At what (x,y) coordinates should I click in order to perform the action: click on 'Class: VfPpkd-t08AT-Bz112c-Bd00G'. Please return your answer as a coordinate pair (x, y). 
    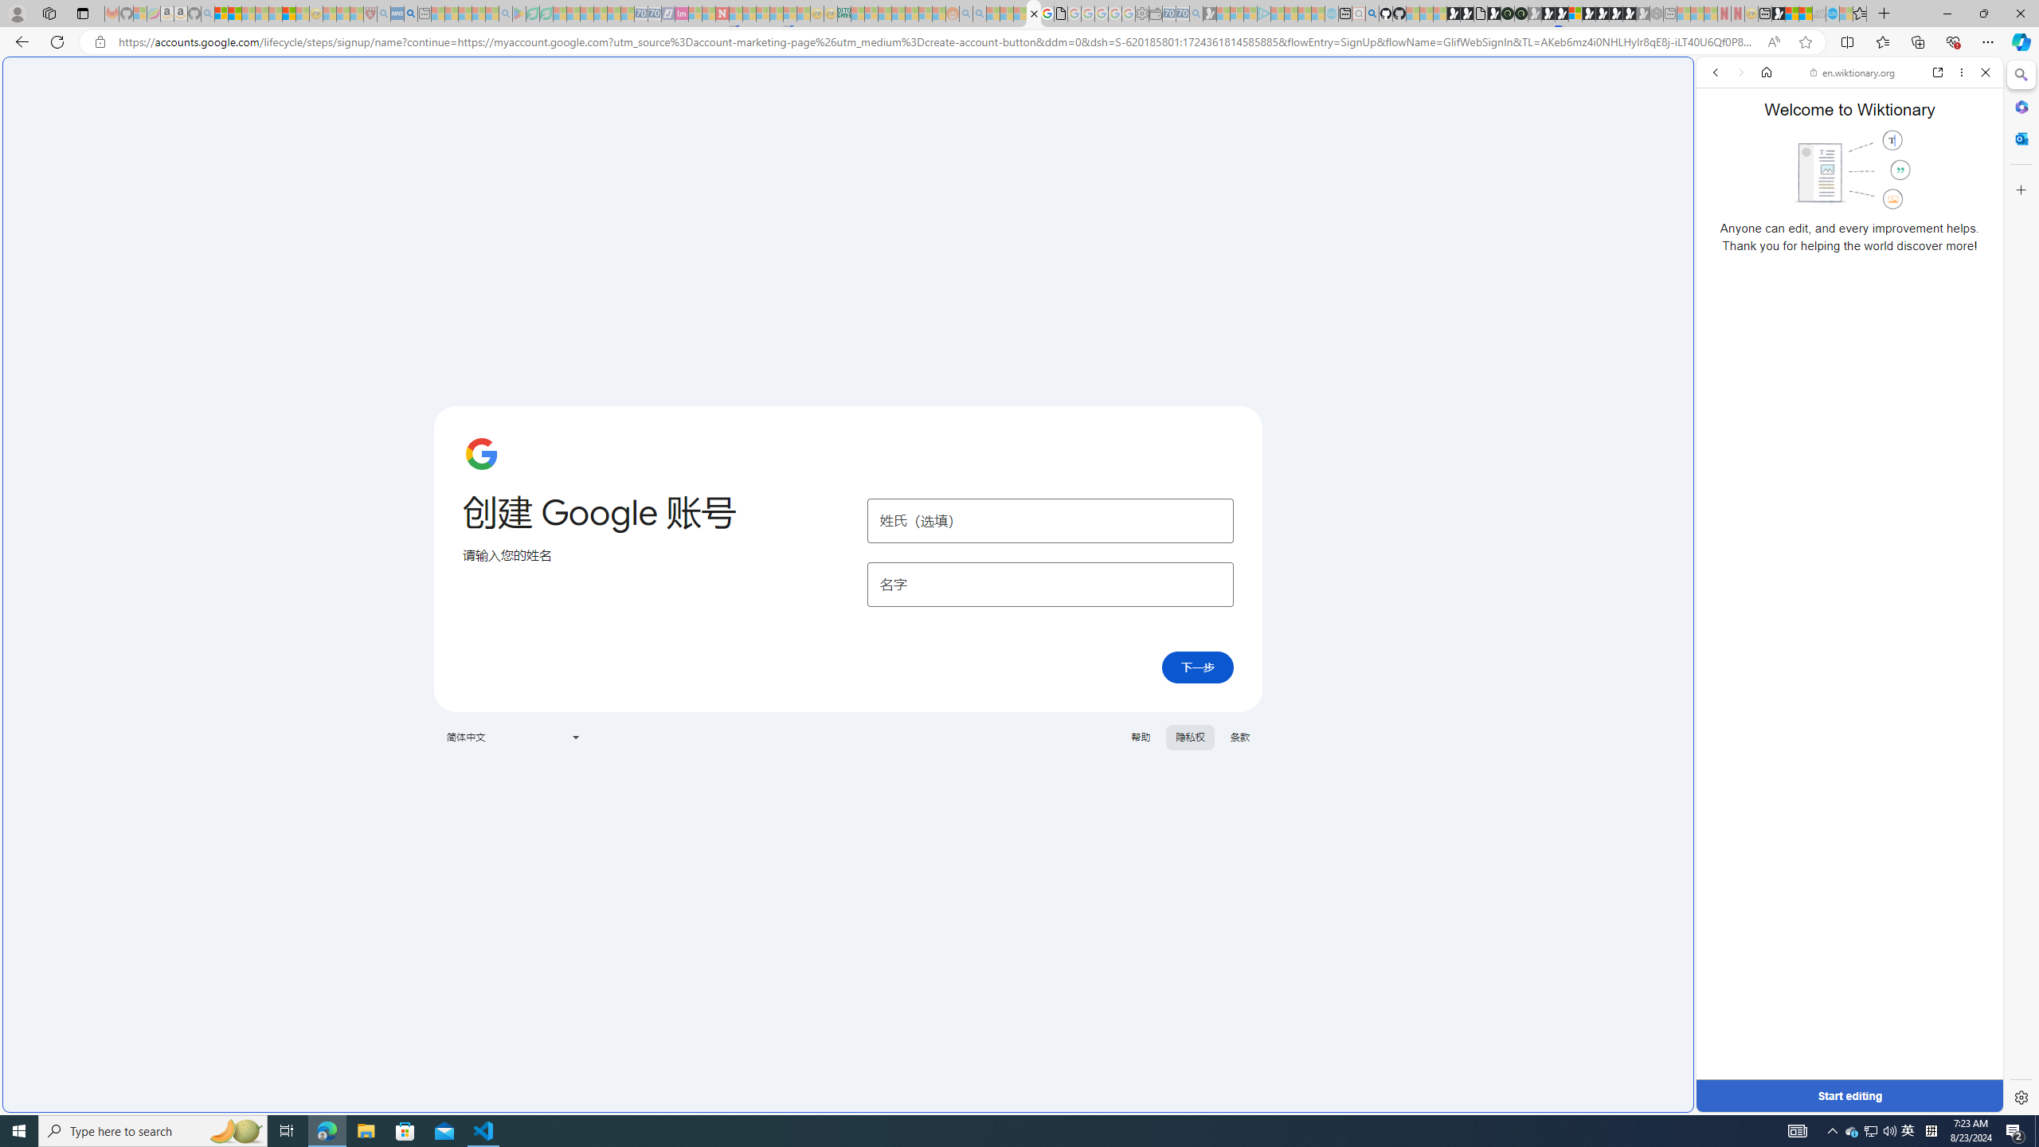
    Looking at the image, I should click on (574, 736).